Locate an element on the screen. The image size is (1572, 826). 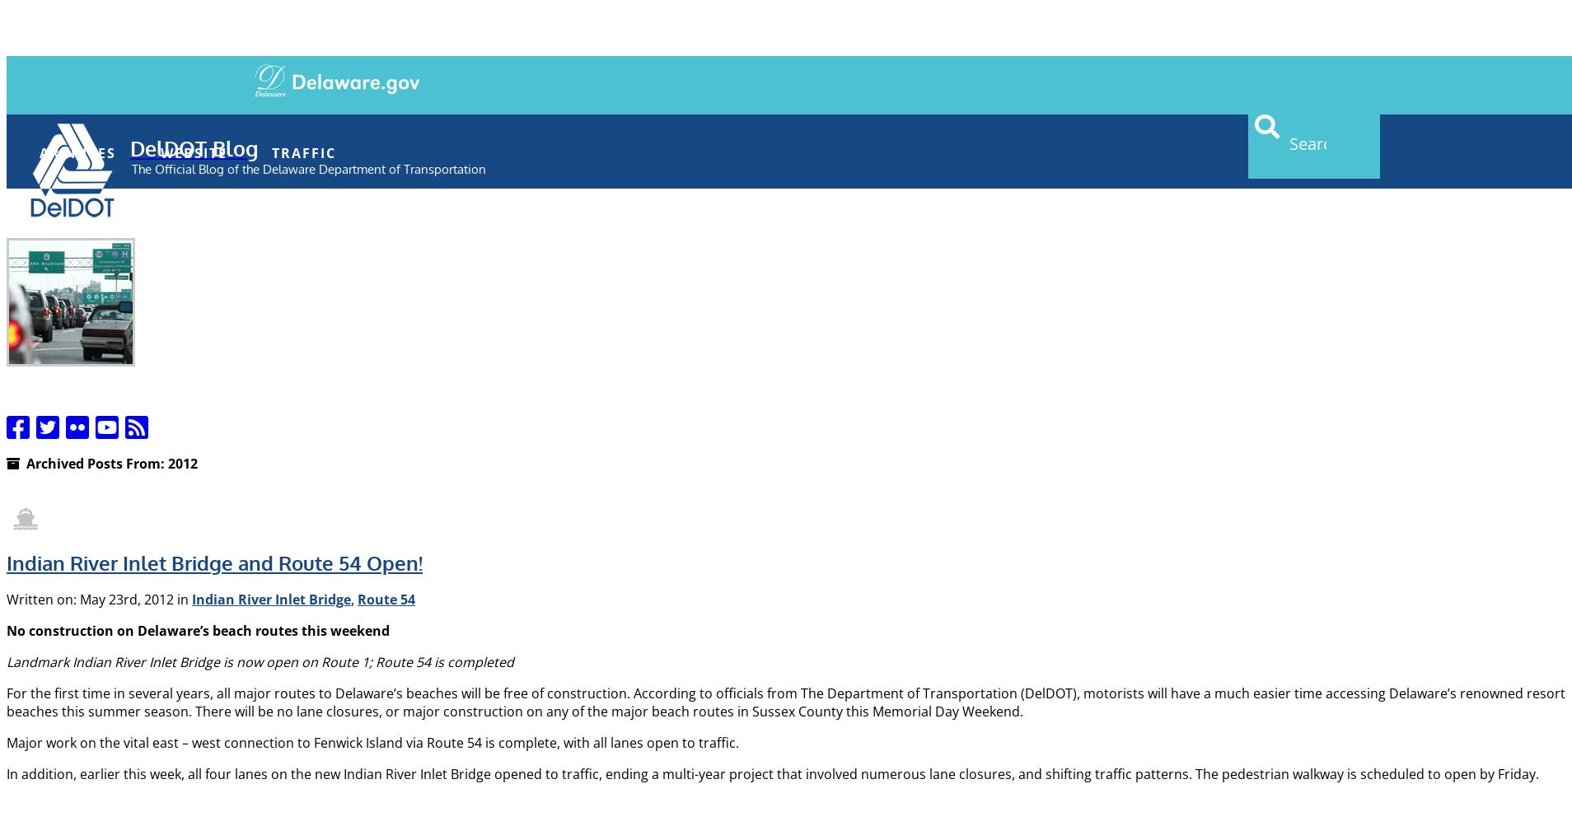
'Traffic' is located at coordinates (304, 152).